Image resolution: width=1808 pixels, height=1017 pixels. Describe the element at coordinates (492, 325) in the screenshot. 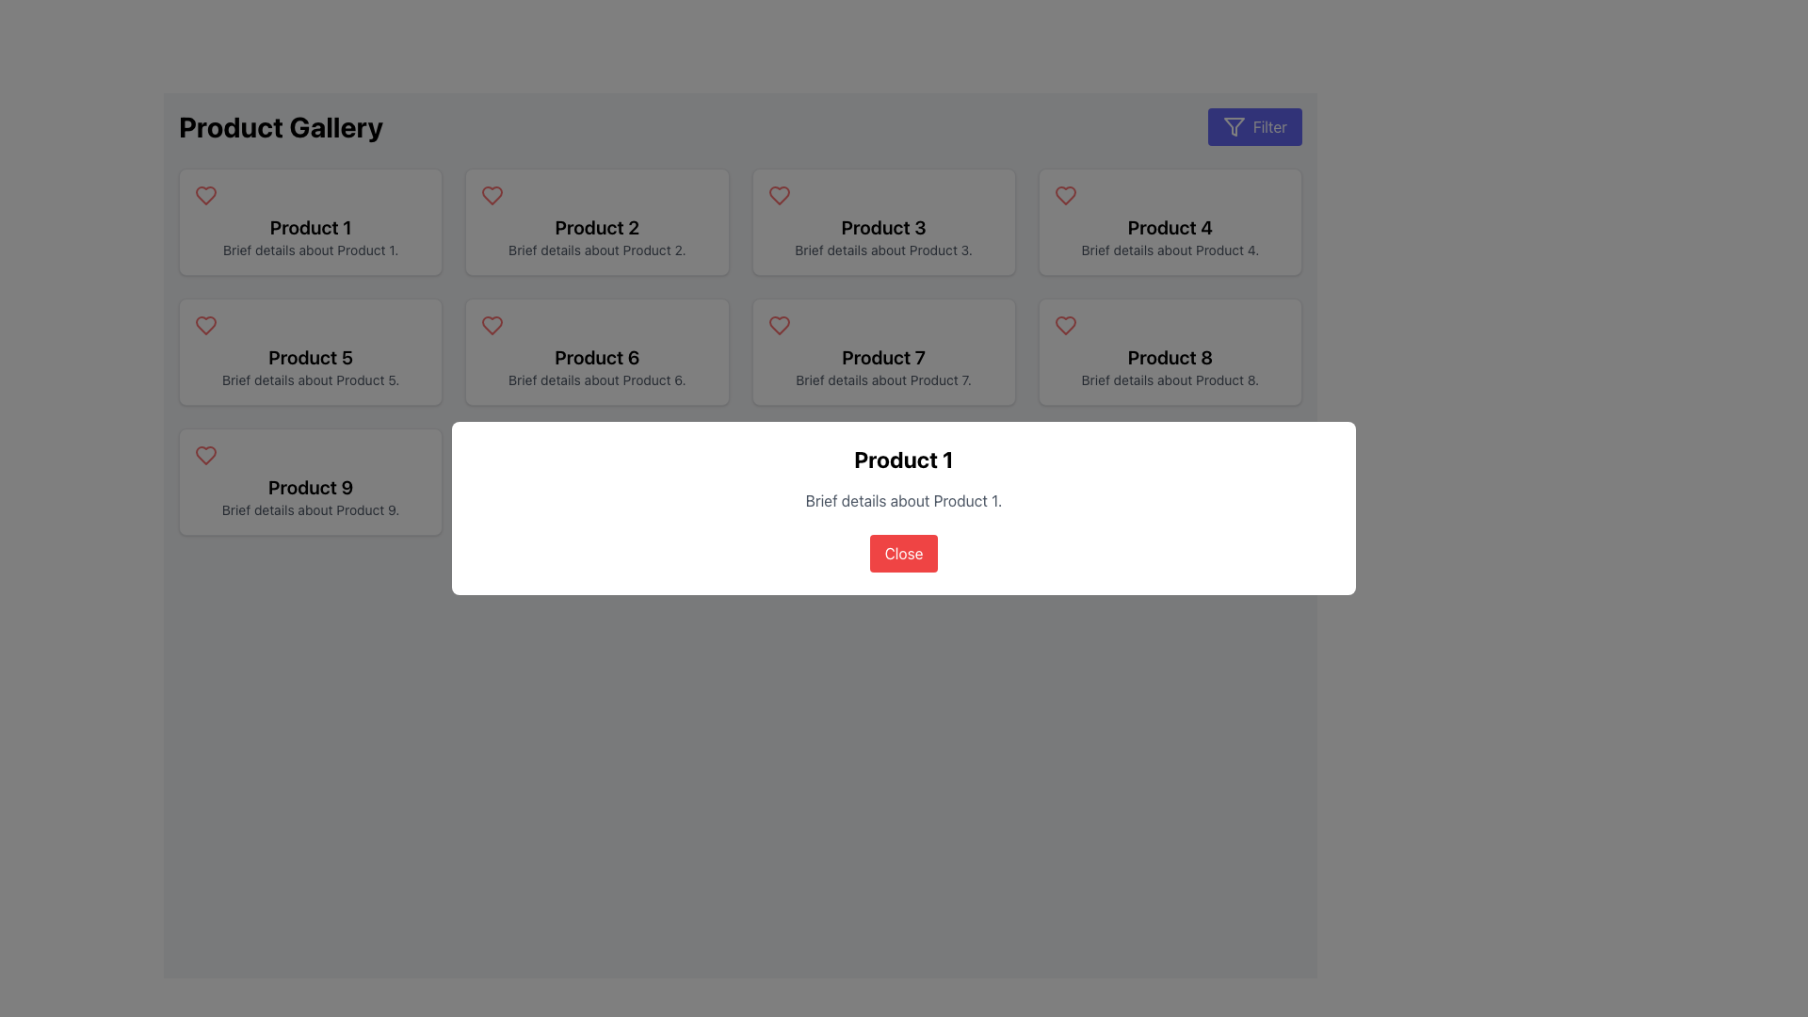

I see `the heart icon in the upper-left corner of 'Product 6' to trigger a tooltip` at that location.